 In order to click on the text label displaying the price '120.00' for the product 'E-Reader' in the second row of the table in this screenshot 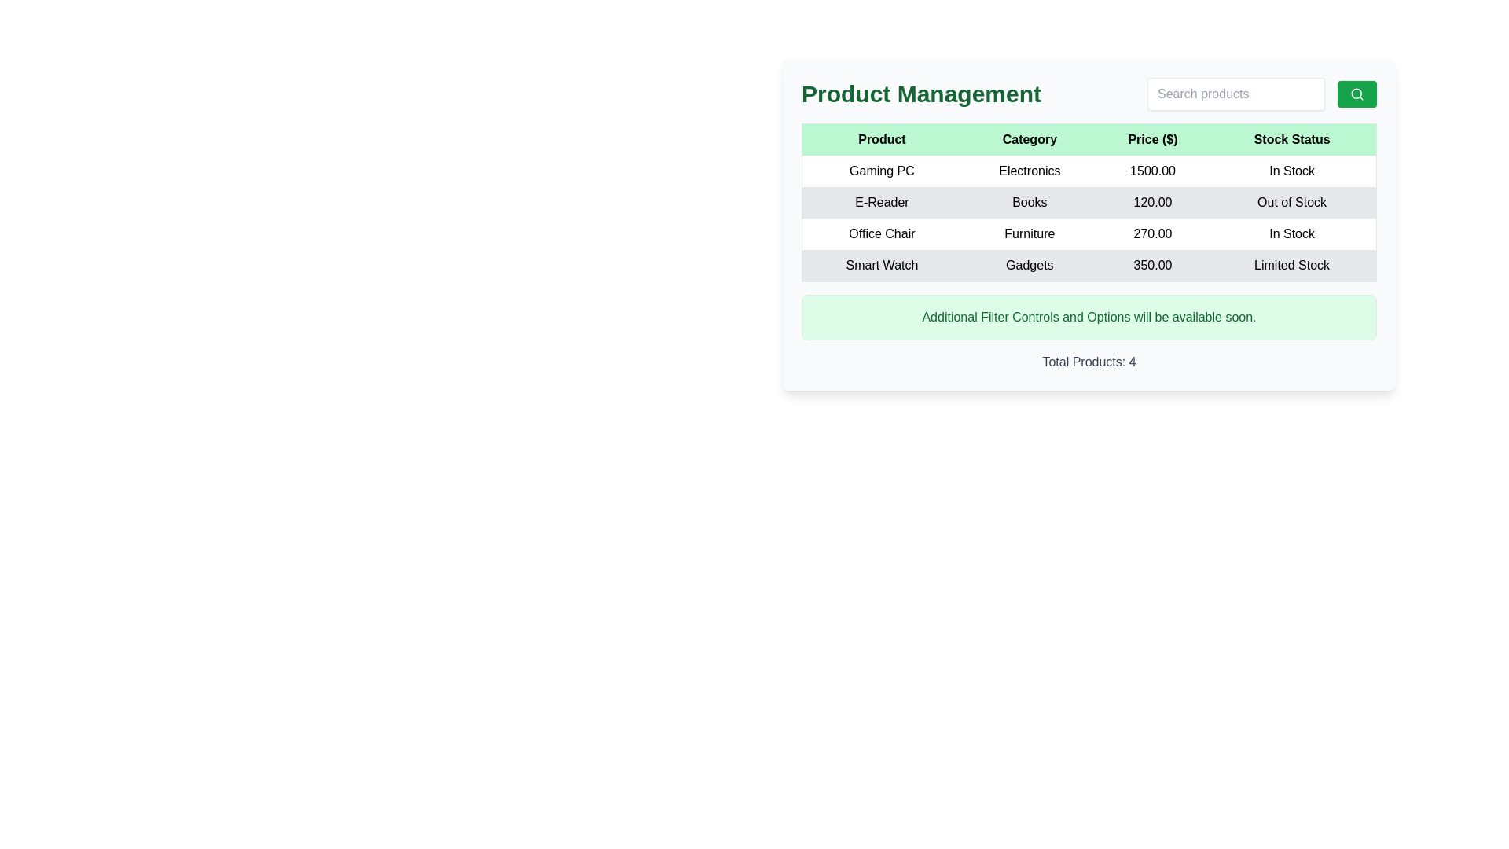, I will do `click(1153, 202)`.